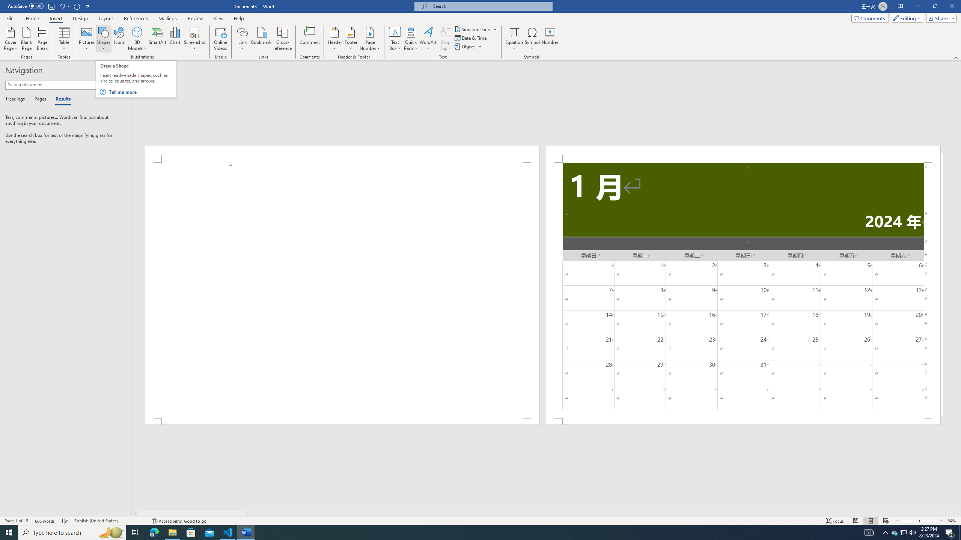  I want to click on 'Page Break', so click(42, 39).